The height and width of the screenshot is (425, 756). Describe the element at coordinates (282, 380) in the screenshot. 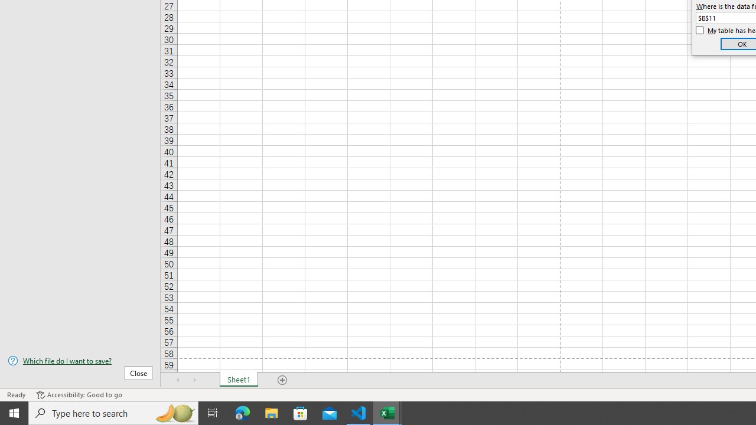

I see `'Add Sheet'` at that location.